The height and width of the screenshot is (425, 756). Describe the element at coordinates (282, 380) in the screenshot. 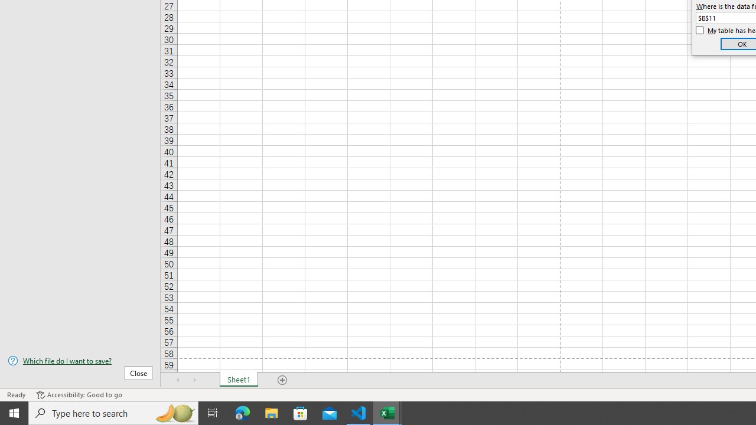

I see `'Add Sheet'` at that location.